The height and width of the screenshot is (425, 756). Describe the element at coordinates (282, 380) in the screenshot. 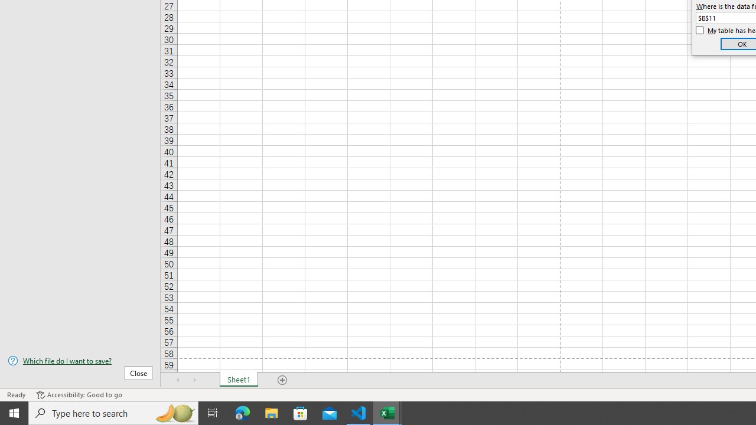

I see `'Add Sheet'` at that location.